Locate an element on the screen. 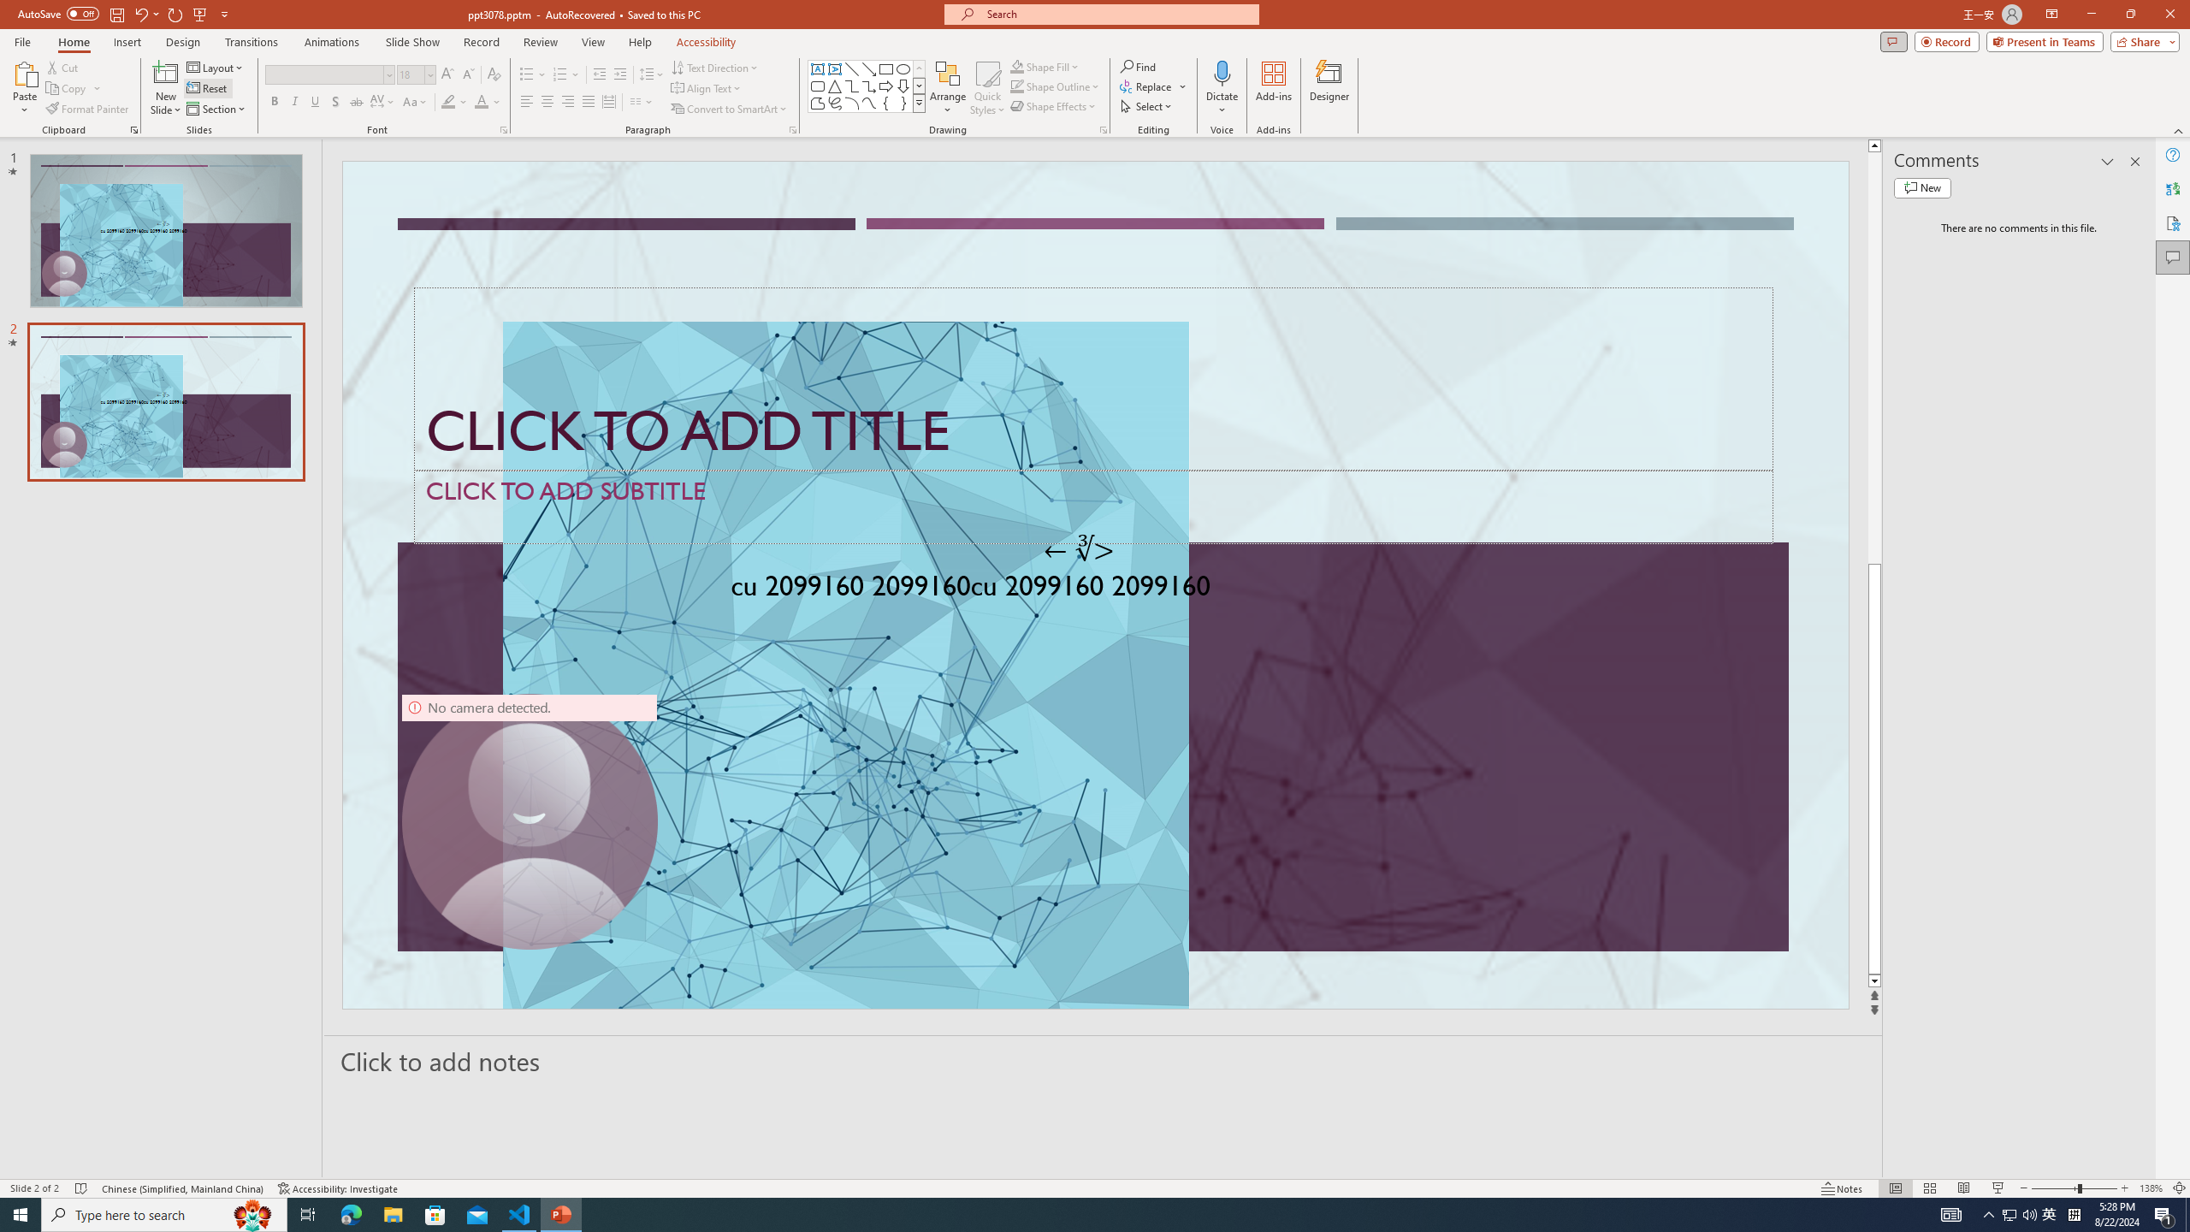 The height and width of the screenshot is (1232, 2190). 'Subtitle TextBox' is located at coordinates (1092, 506).